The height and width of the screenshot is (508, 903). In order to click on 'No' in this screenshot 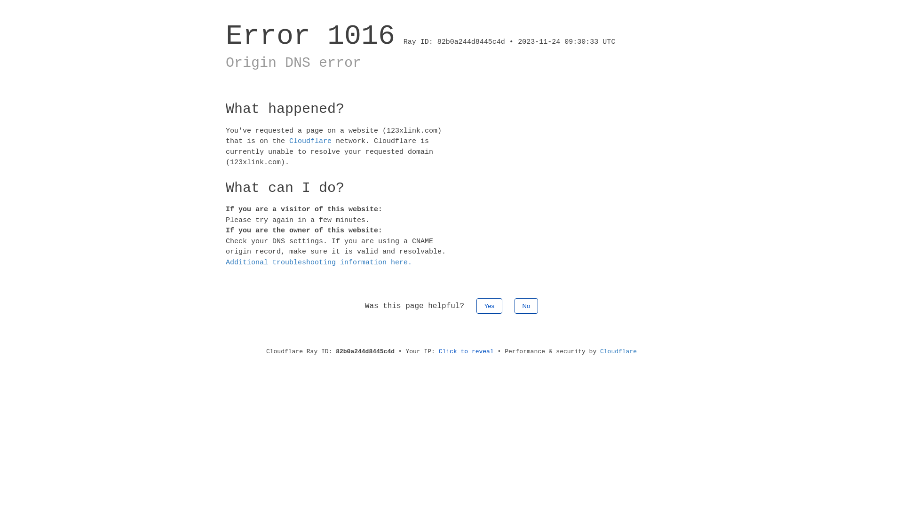, I will do `click(526, 306)`.